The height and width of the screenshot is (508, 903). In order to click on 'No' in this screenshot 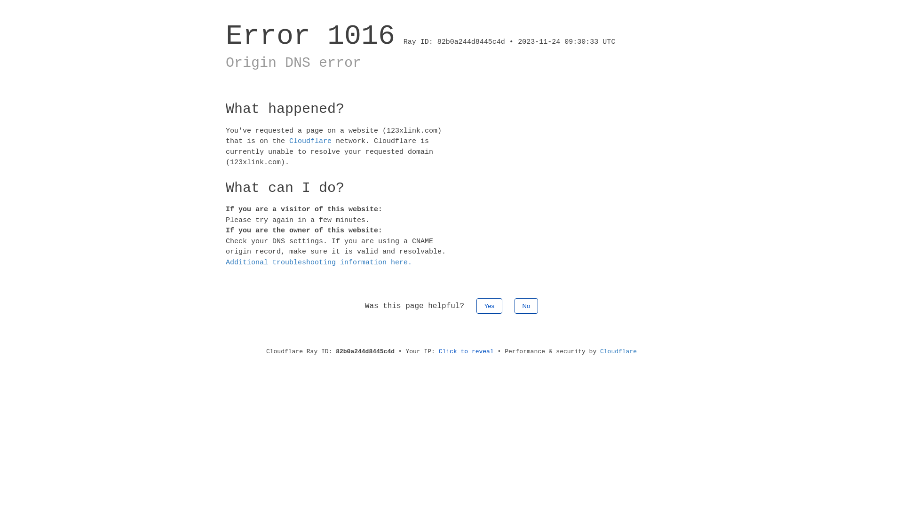, I will do `click(526, 306)`.